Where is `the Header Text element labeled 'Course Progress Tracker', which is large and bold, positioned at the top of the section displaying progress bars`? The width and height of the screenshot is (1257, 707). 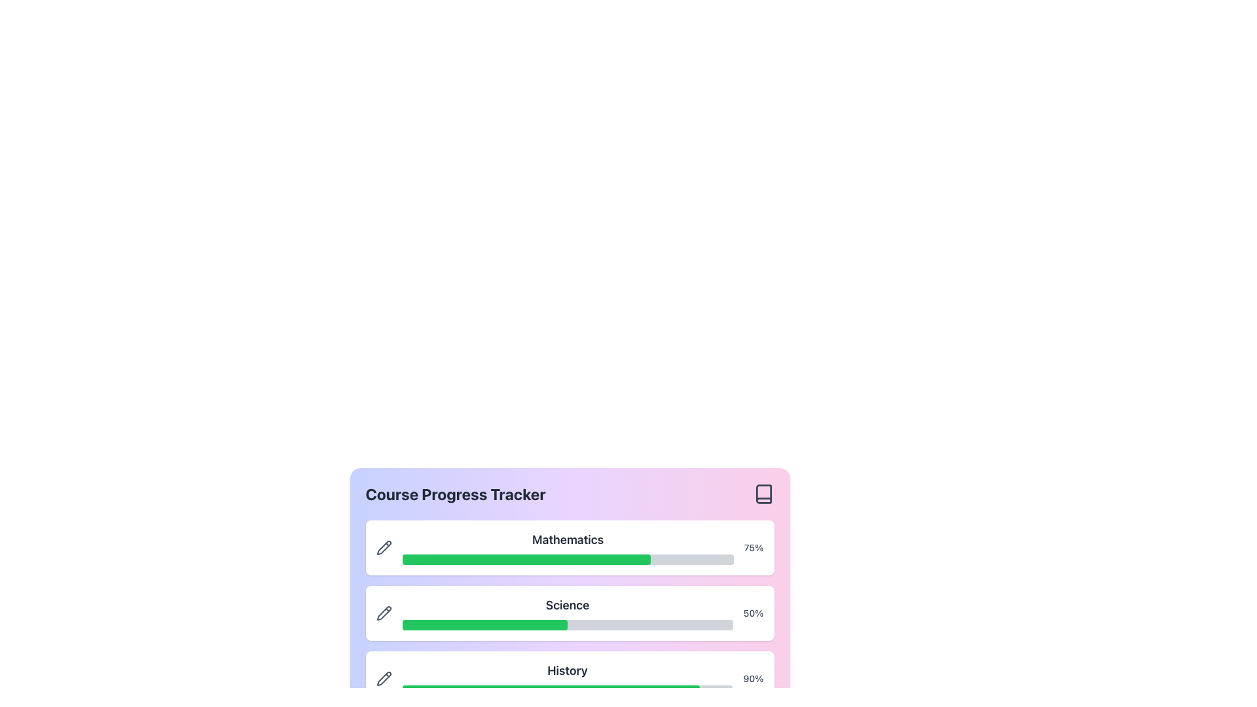
the Header Text element labeled 'Course Progress Tracker', which is large and bold, positioned at the top of the section displaying progress bars is located at coordinates (456, 494).